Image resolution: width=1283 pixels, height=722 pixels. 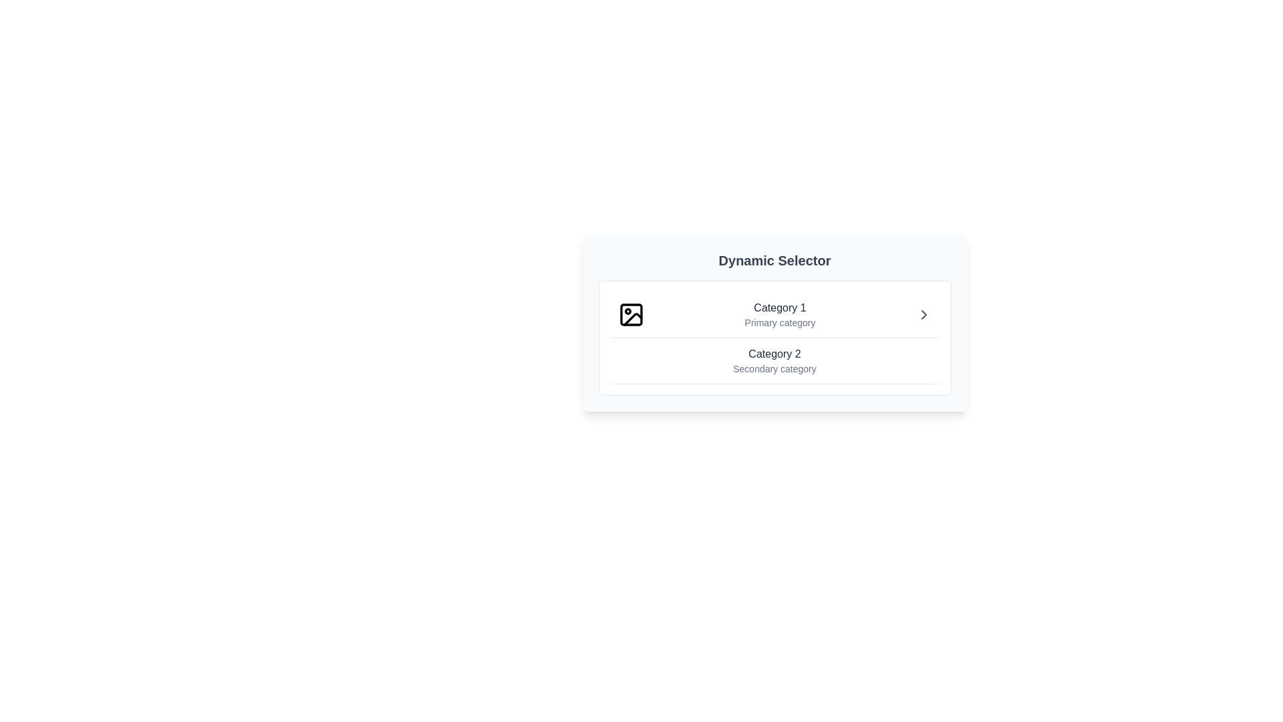 I want to click on the image icon representing 'Category 1', so click(x=630, y=314).